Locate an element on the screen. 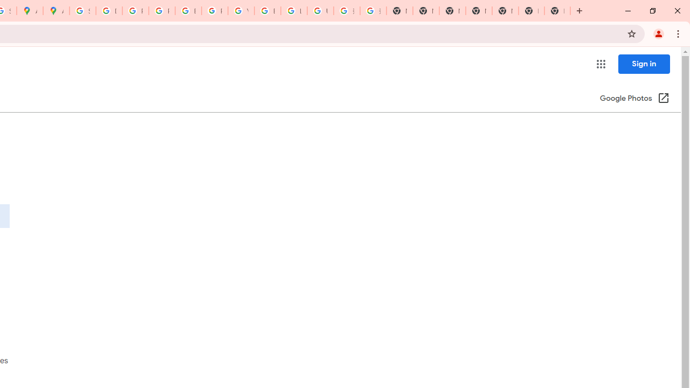 This screenshot has width=690, height=388. 'YouTube' is located at coordinates (240, 11).